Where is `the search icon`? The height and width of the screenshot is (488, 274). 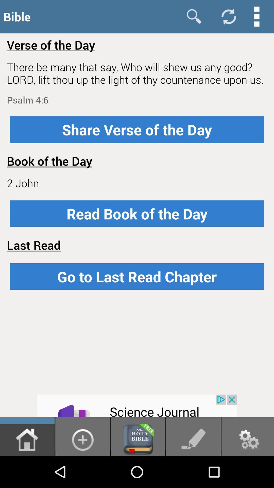
the search icon is located at coordinates (194, 18).